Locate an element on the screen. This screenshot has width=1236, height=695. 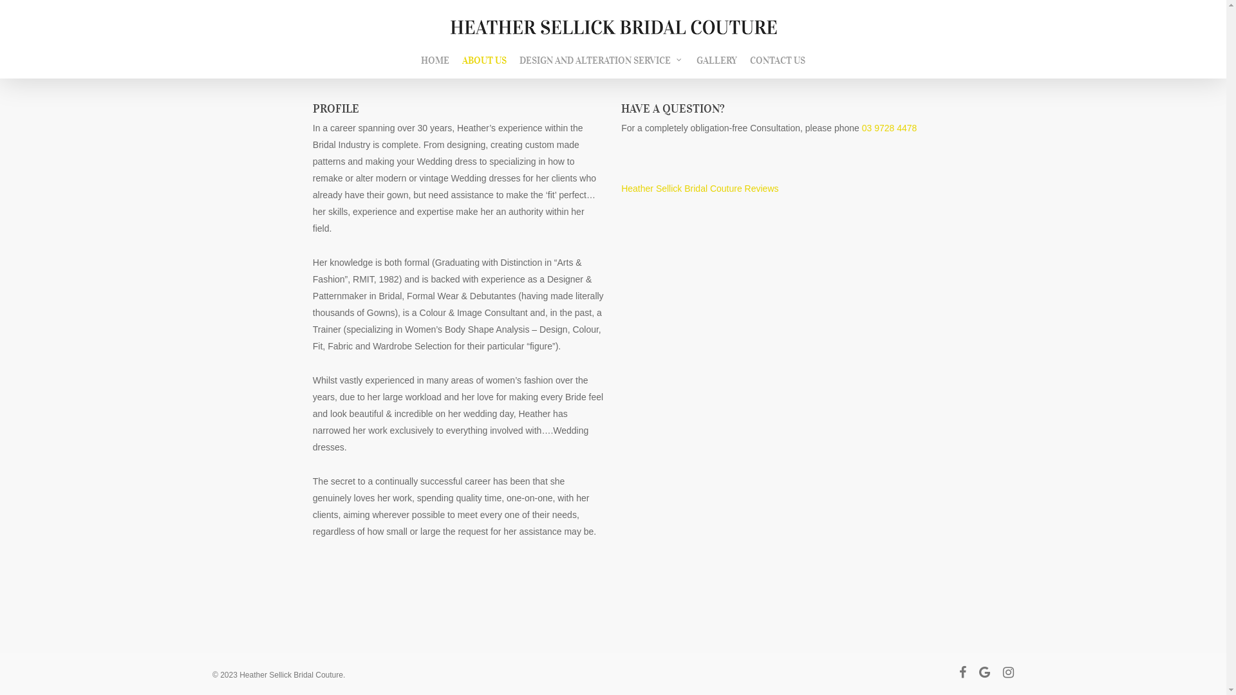
'DESIGN AND ALTERATION SERVICE' is located at coordinates (512, 67).